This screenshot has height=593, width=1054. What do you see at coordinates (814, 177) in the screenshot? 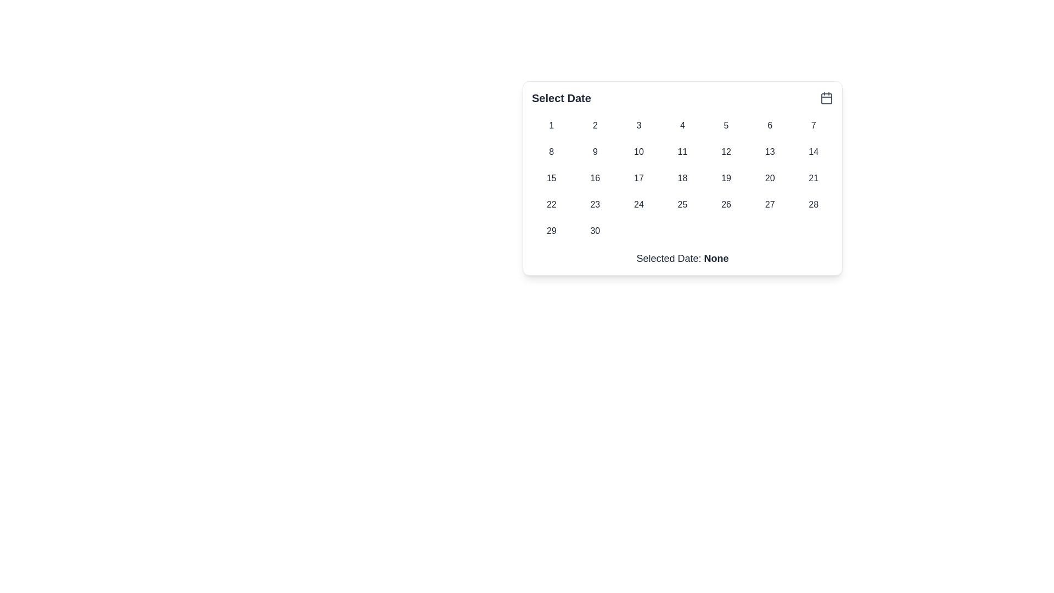
I see `the button-like component displaying the number '21' in the calendar grid` at bounding box center [814, 177].